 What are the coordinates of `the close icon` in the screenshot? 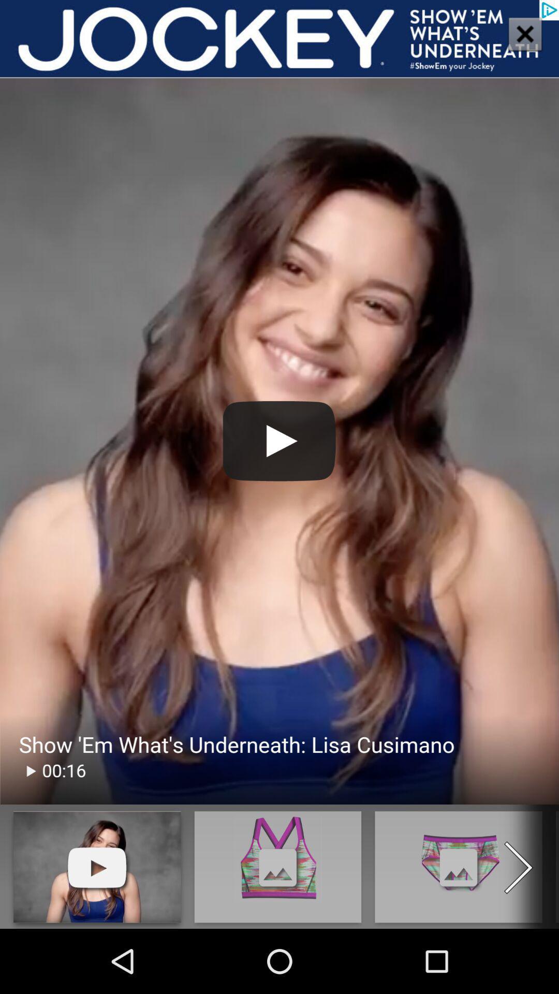 It's located at (525, 36).